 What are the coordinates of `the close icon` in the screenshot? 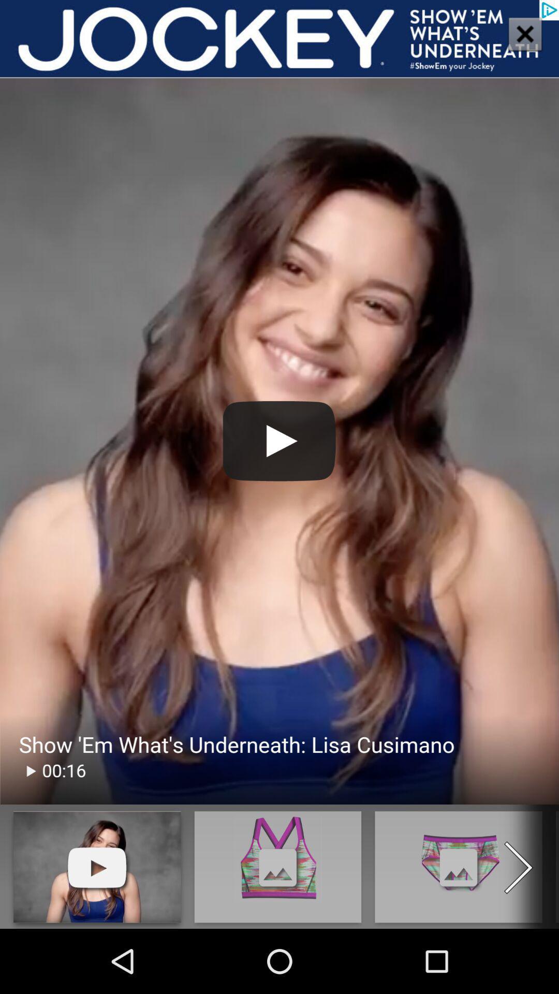 It's located at (525, 36).